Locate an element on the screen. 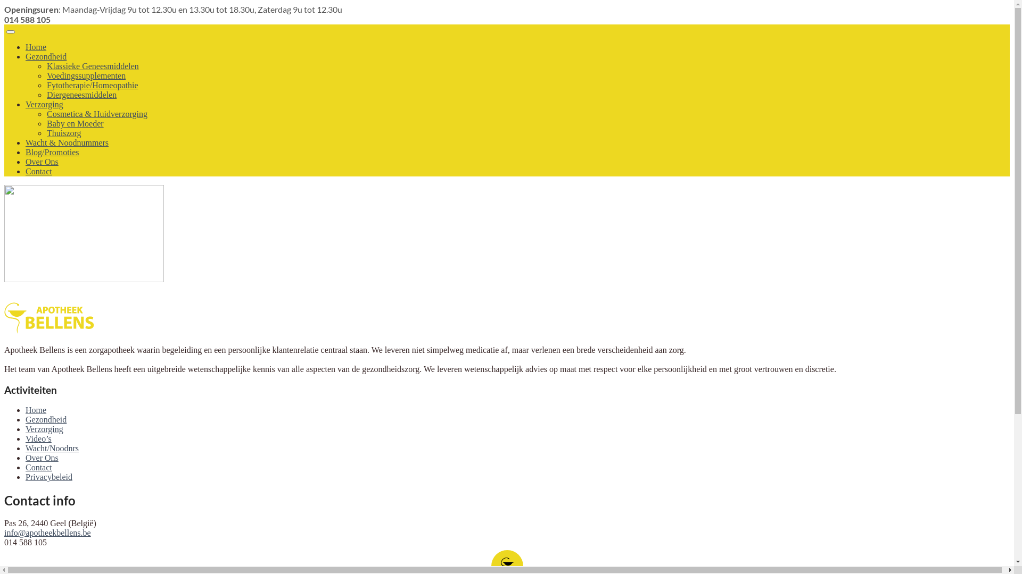 The image size is (1022, 574). 'Over Ons' is located at coordinates (42, 162).